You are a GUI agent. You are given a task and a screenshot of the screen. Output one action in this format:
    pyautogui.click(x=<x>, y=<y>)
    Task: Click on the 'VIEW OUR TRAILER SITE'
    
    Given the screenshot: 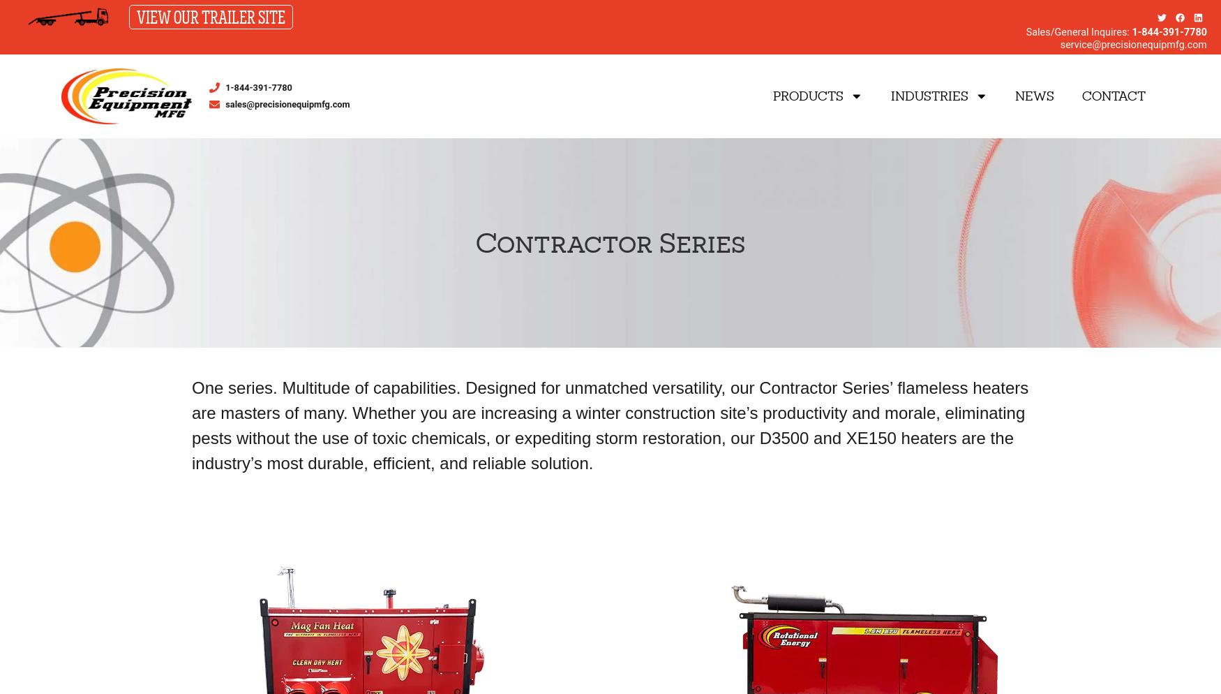 What is the action you would take?
    pyautogui.click(x=210, y=17)
    